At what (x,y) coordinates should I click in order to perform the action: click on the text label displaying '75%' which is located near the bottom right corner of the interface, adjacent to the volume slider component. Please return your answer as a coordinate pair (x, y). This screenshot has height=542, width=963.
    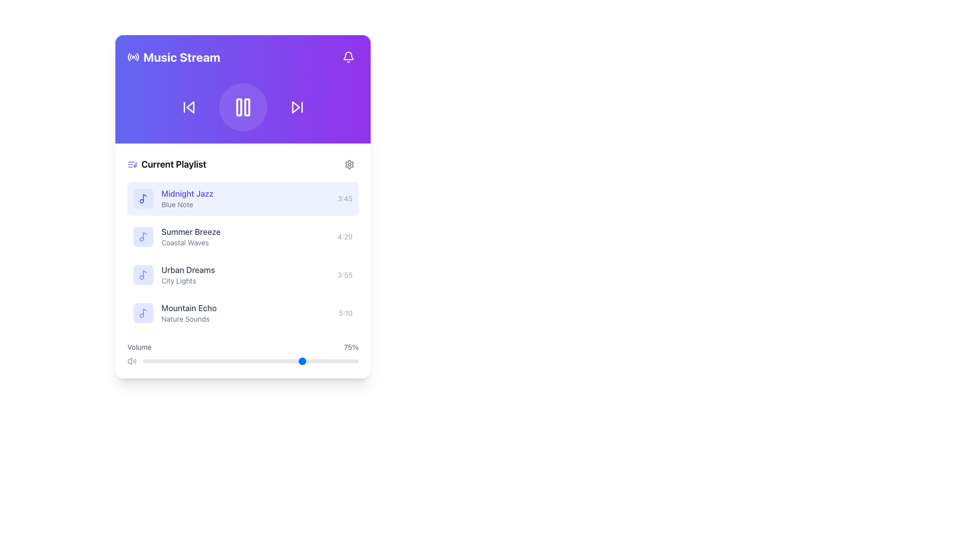
    Looking at the image, I should click on (351, 346).